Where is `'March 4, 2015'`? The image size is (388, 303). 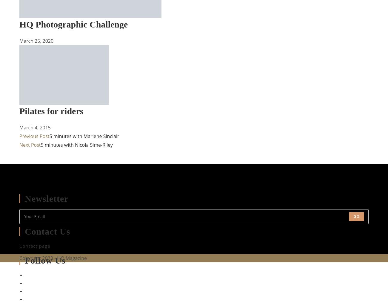
'March 4, 2015' is located at coordinates (19, 127).